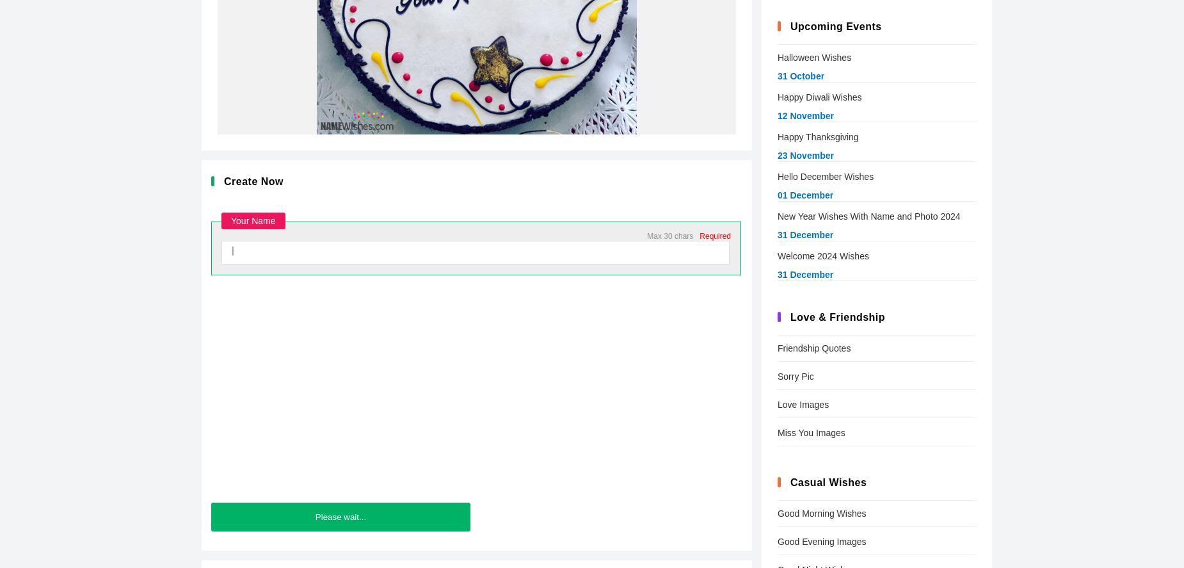 Image resolution: width=1184 pixels, height=568 pixels. Describe the element at coordinates (821, 541) in the screenshot. I see `'Good Evening Images'` at that location.